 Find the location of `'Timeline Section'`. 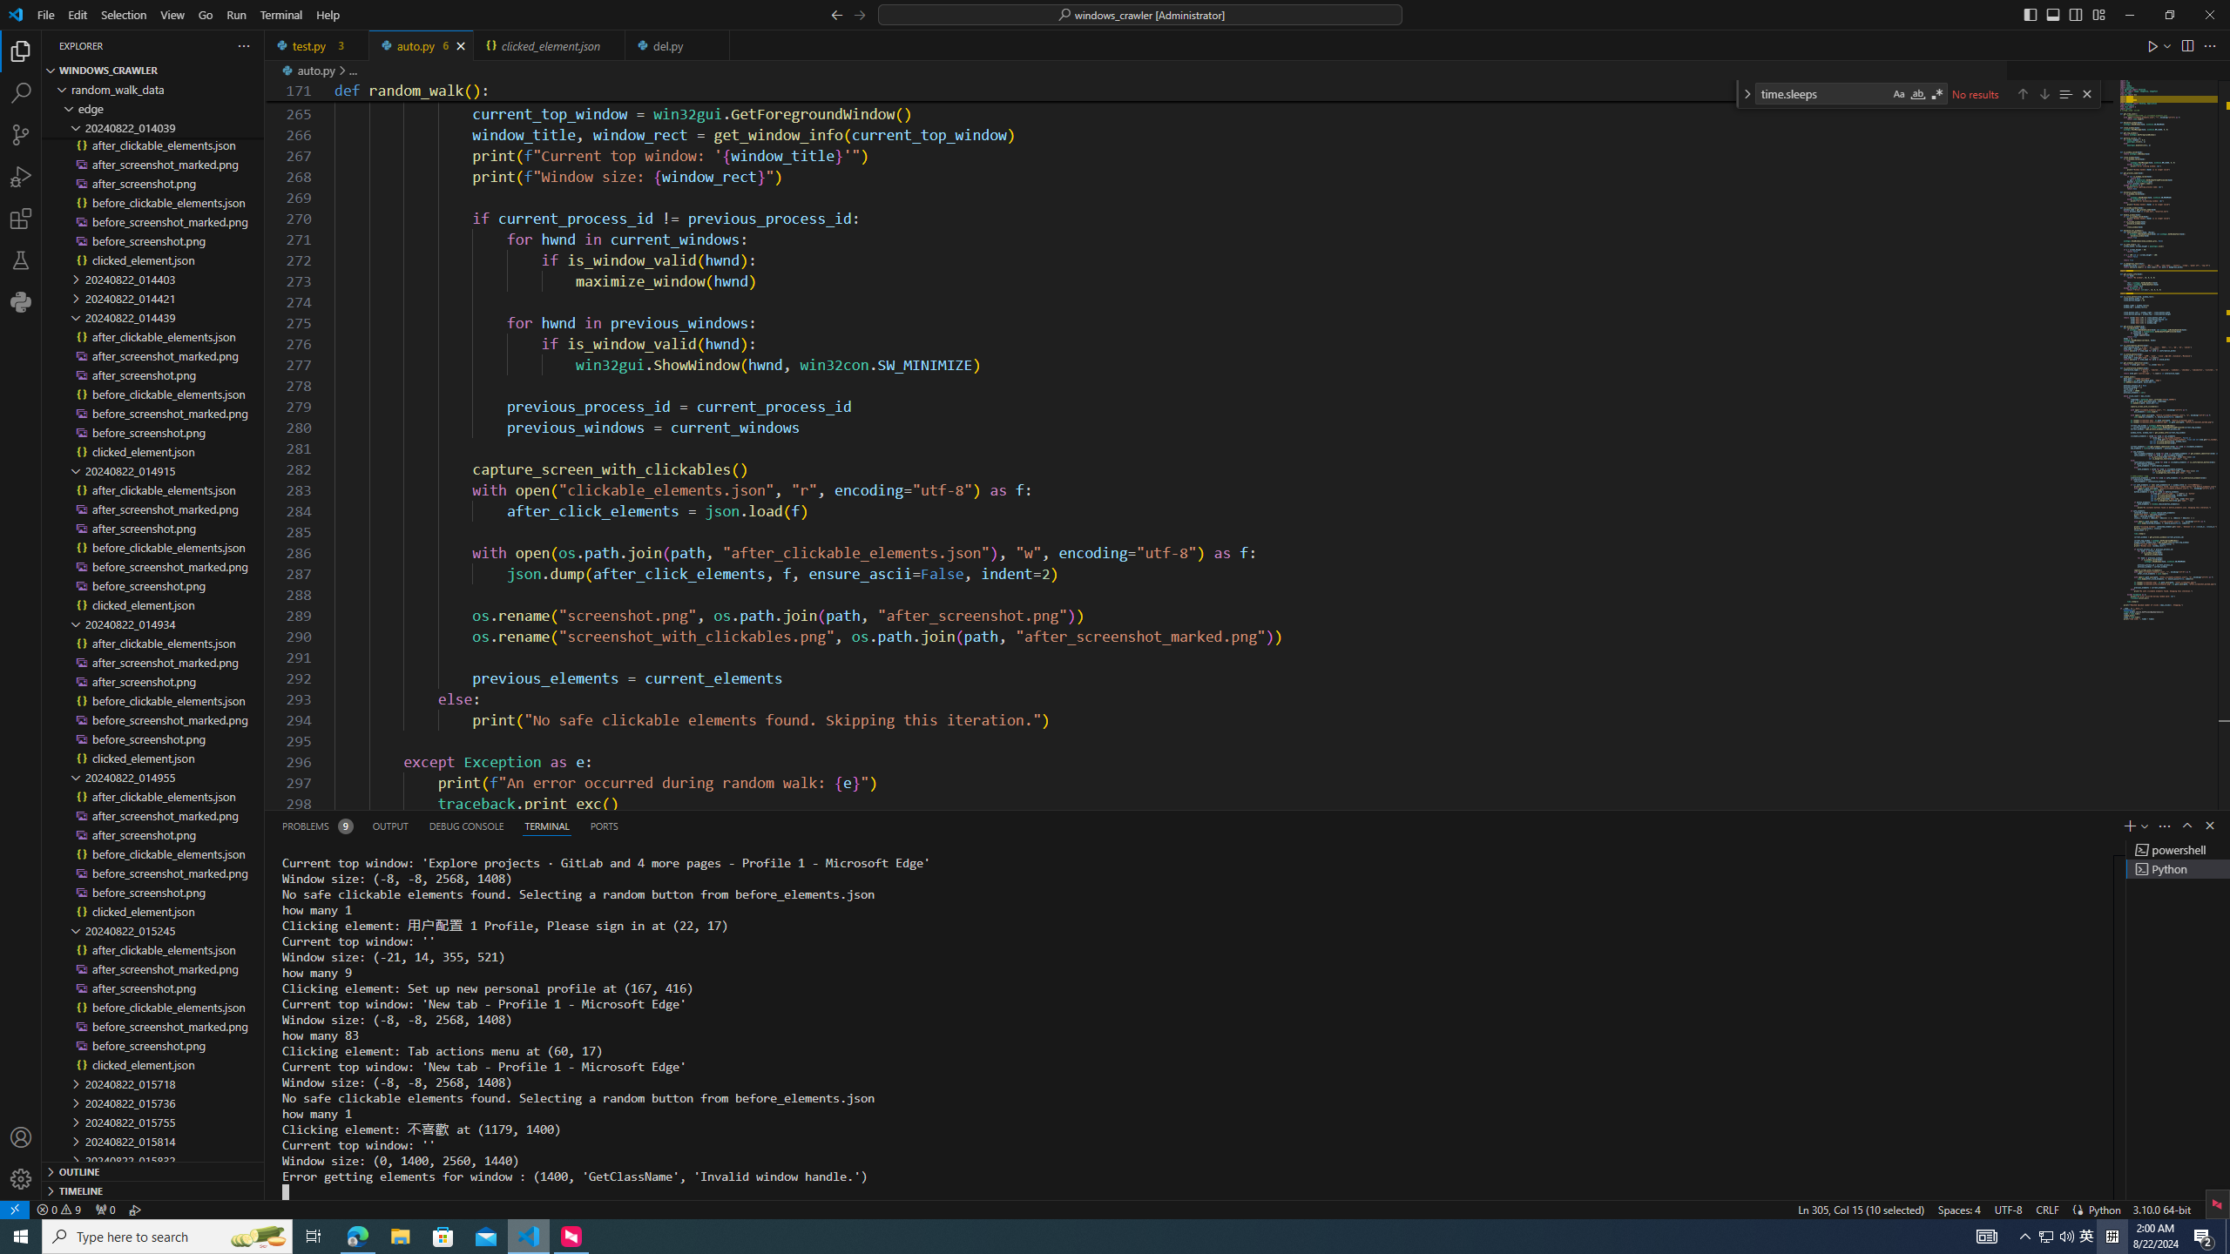

'Timeline Section' is located at coordinates (152, 1190).